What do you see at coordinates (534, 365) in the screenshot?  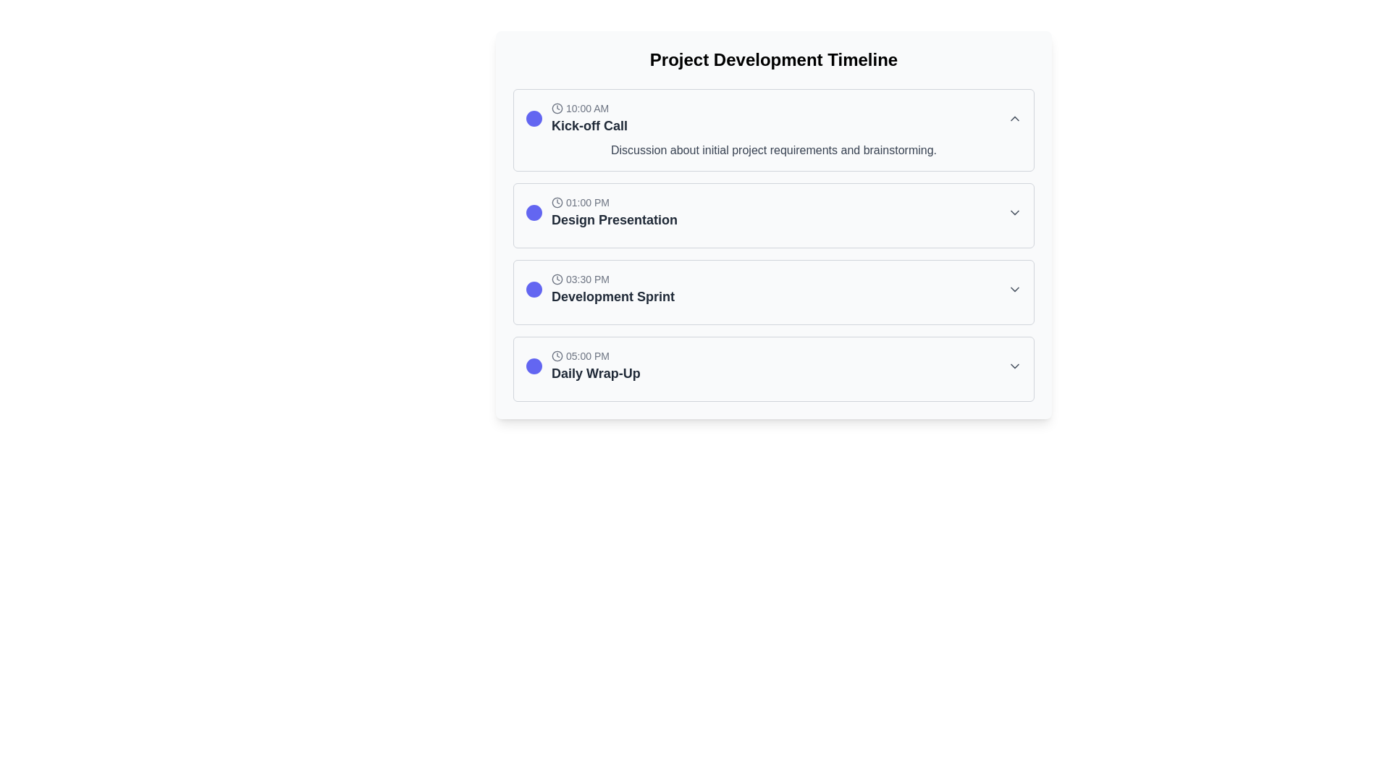 I see `the Circular Icon that serves as a visual indicator for the '05:00 PM Daily Wrap-Up' entry in the timeline, which is positioned towards the left within this section` at bounding box center [534, 365].